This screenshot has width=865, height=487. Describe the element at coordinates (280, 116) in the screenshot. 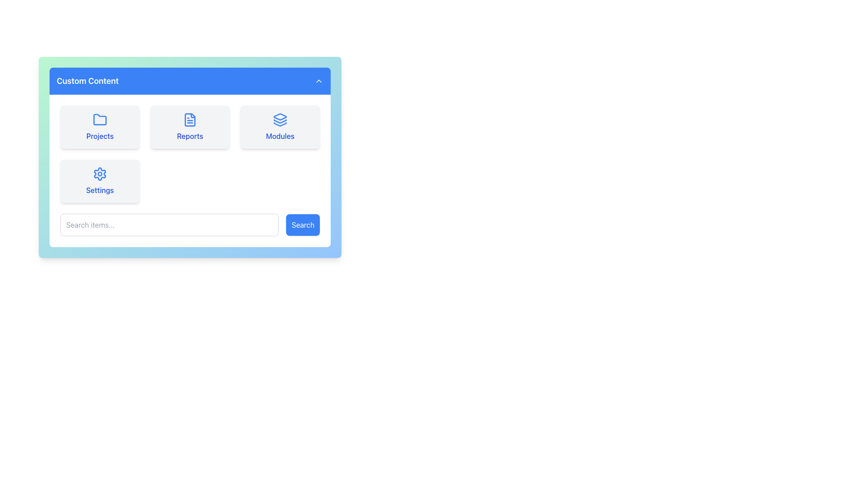

I see `the 'Modules' icon located in the third square button in the upper panel for navigation` at that location.